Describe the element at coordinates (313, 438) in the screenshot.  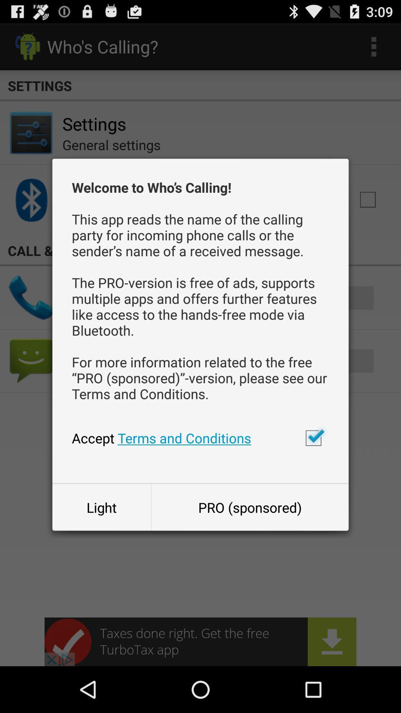
I see `accept` at that location.